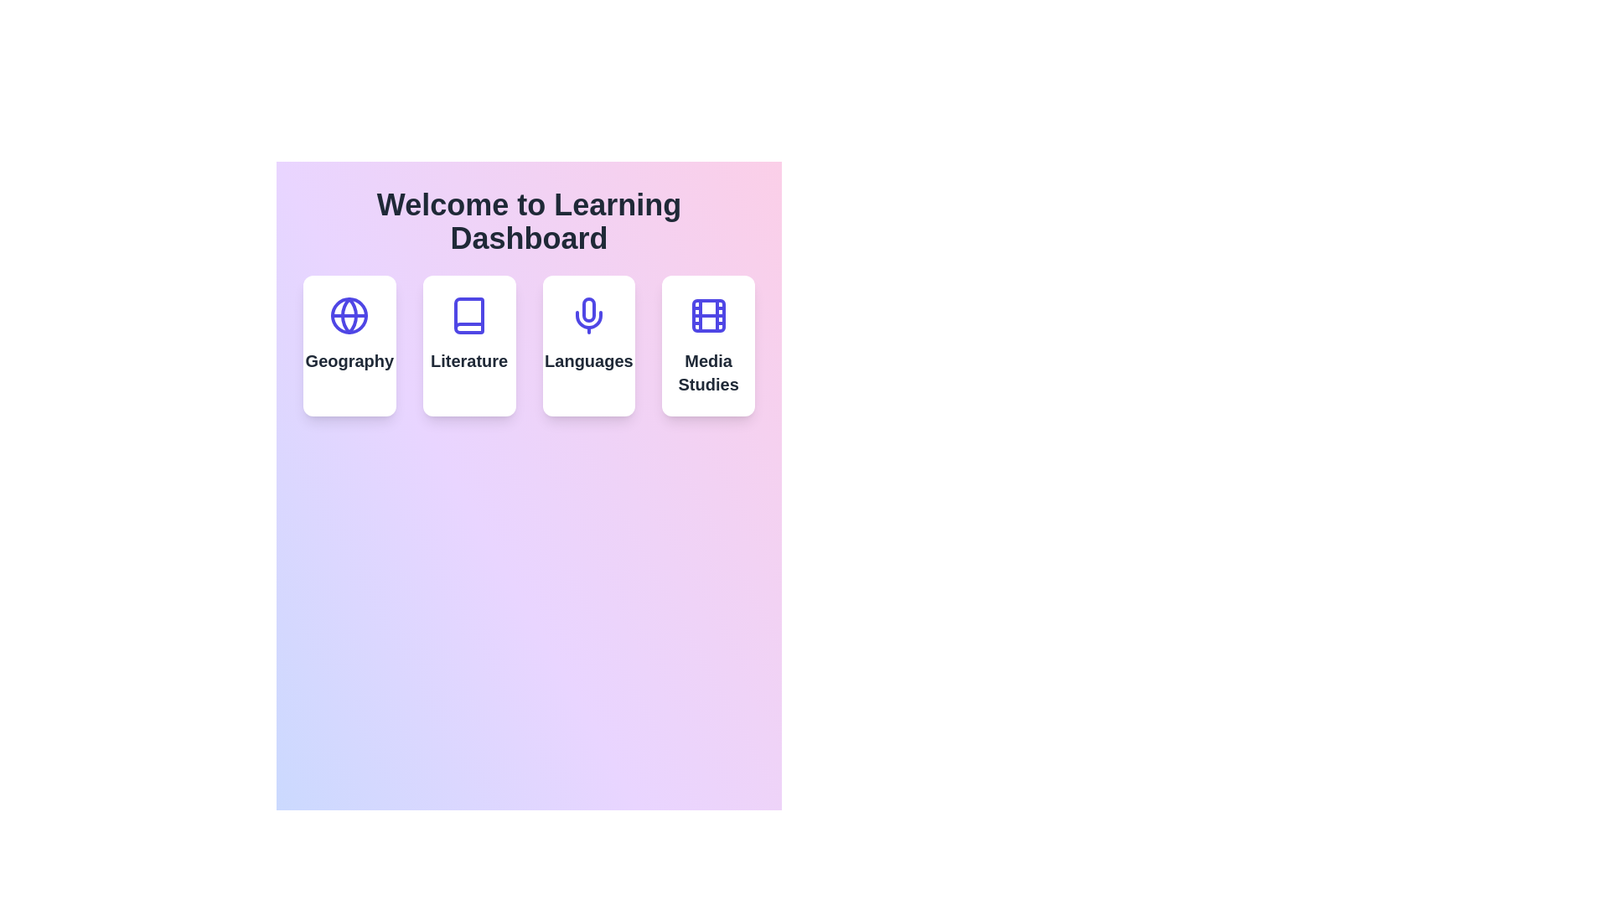 This screenshot has width=1609, height=905. I want to click on the 'Languages' card, which is the third card in a grid layout of four cards, to confirm selection, so click(588, 344).